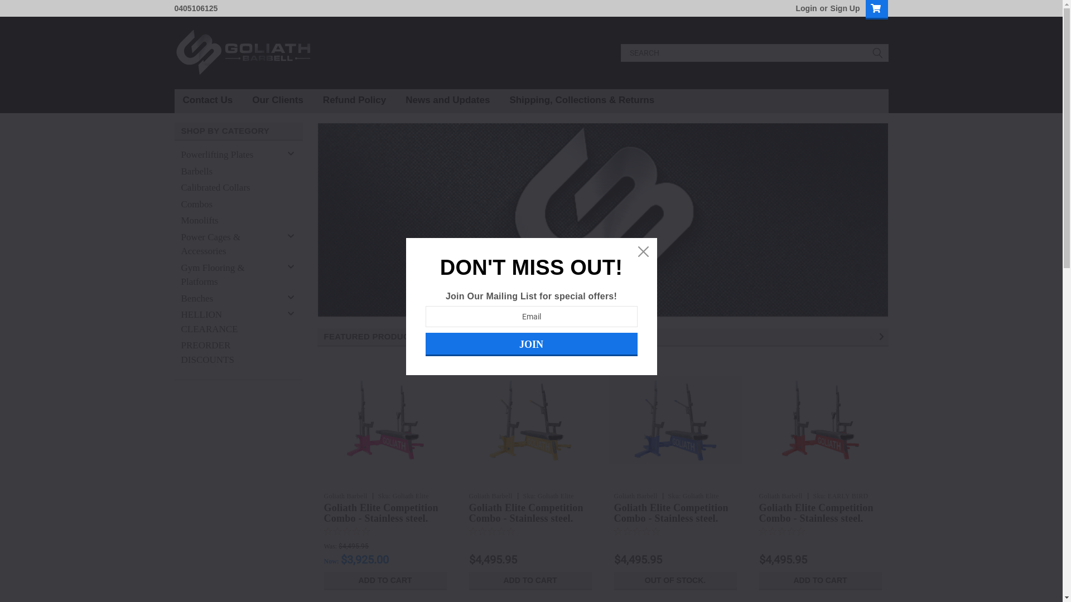 This screenshot has width=1071, height=602. Describe the element at coordinates (173, 322) in the screenshot. I see `'HELLION CLEARANCE'` at that location.